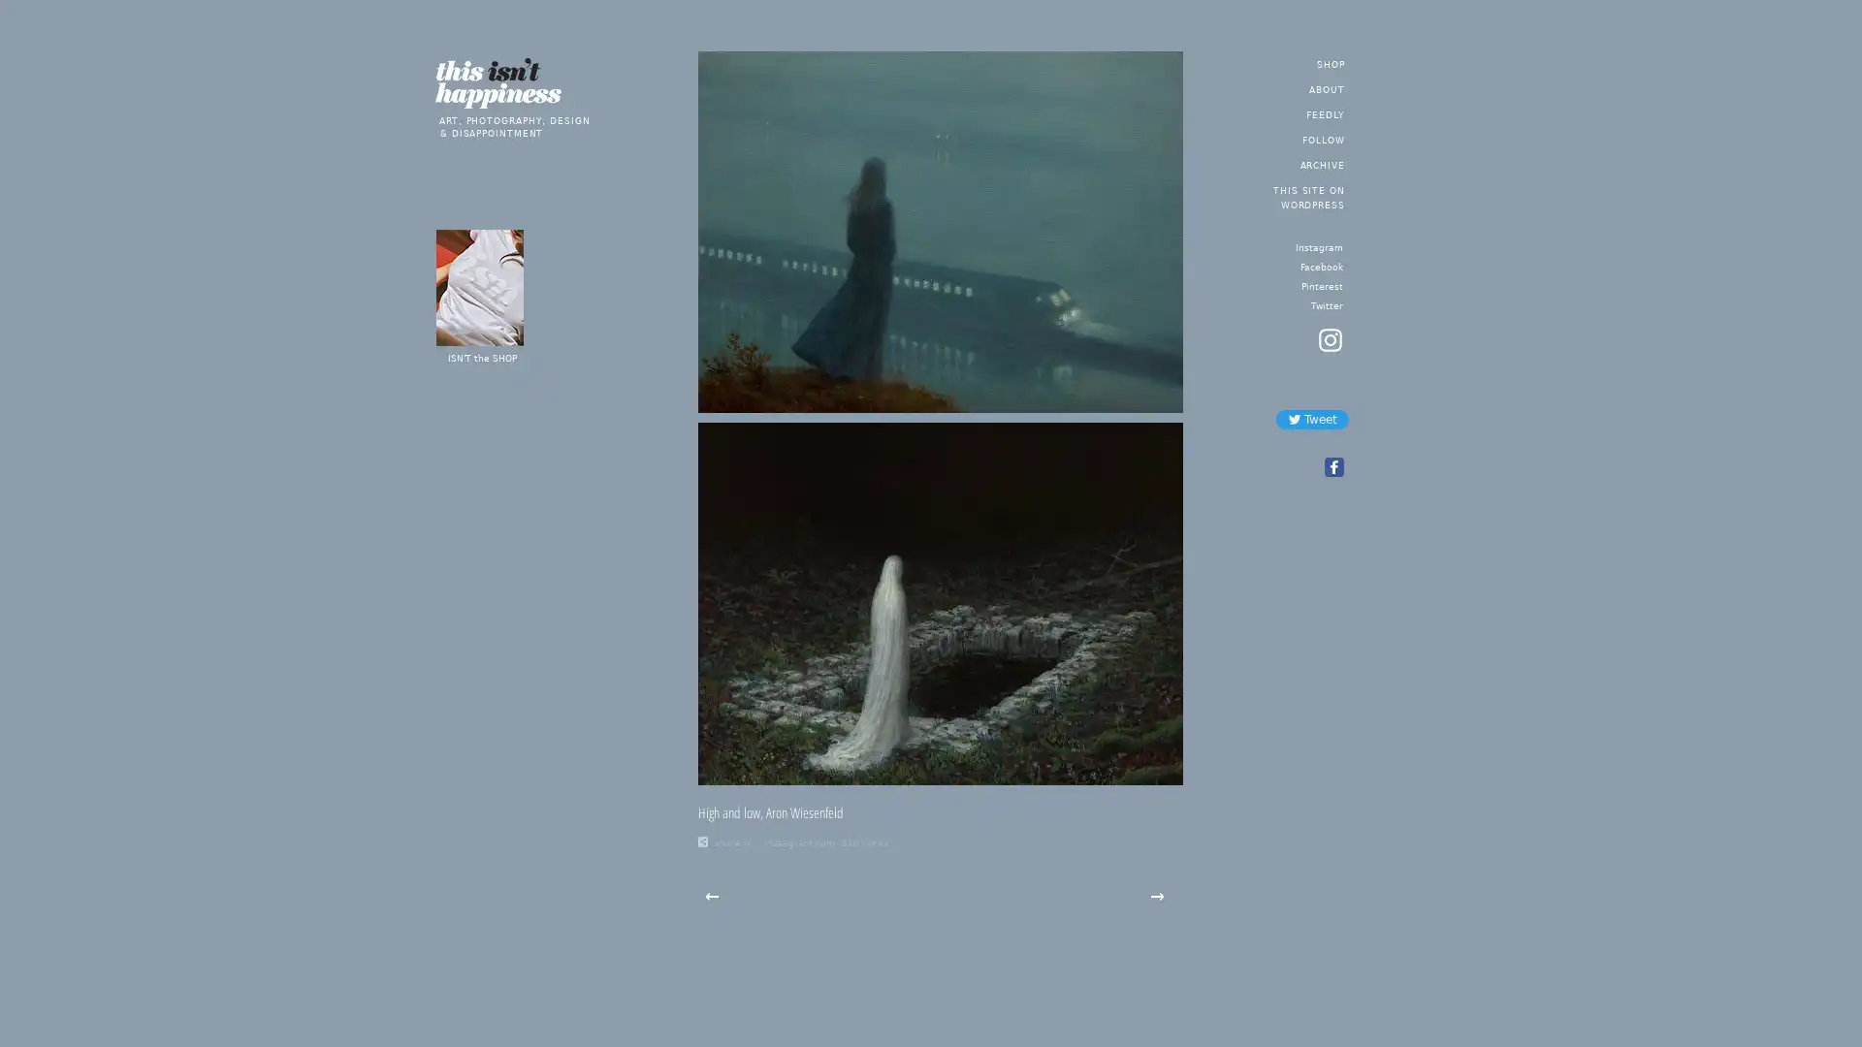 Image resolution: width=1862 pixels, height=1047 pixels. I want to click on Share to Facebook, so click(1332, 467).